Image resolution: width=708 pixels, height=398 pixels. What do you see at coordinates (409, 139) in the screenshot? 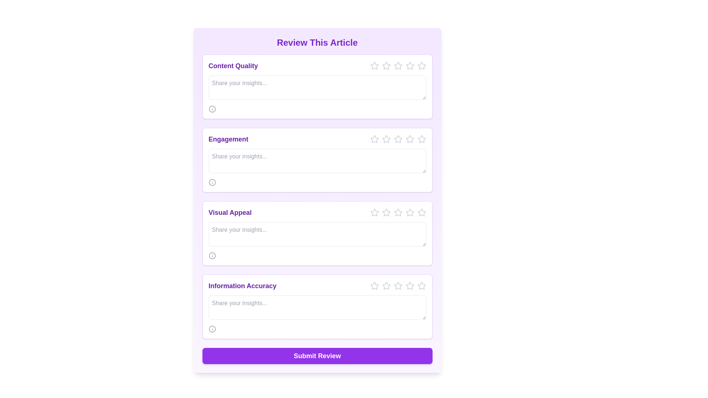
I see `the fifth star icon in the Engagement section` at bounding box center [409, 139].